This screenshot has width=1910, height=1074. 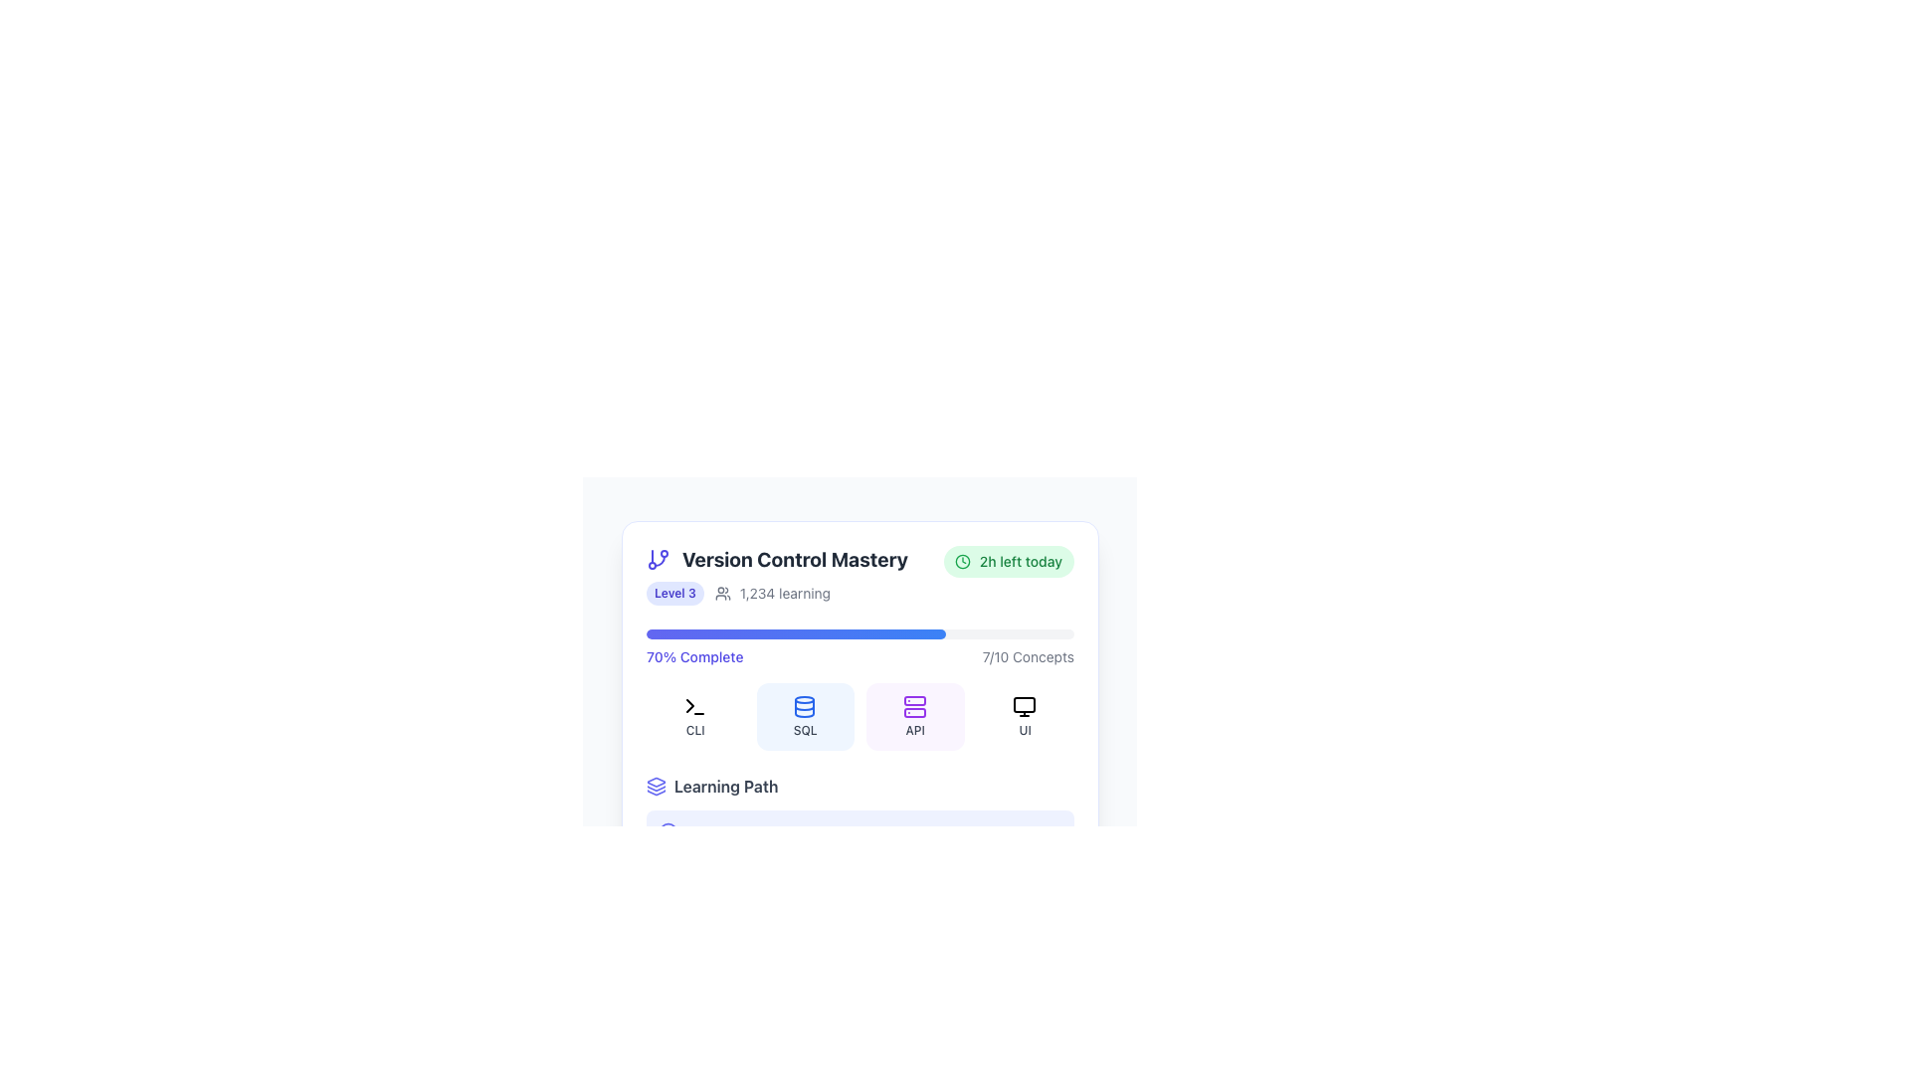 What do you see at coordinates (689, 704) in the screenshot?
I see `near the triangular graphical vector shape that is the leftmost and smallest part of the terminal icon, which represents command line interaction as part of the CLI category` at bounding box center [689, 704].